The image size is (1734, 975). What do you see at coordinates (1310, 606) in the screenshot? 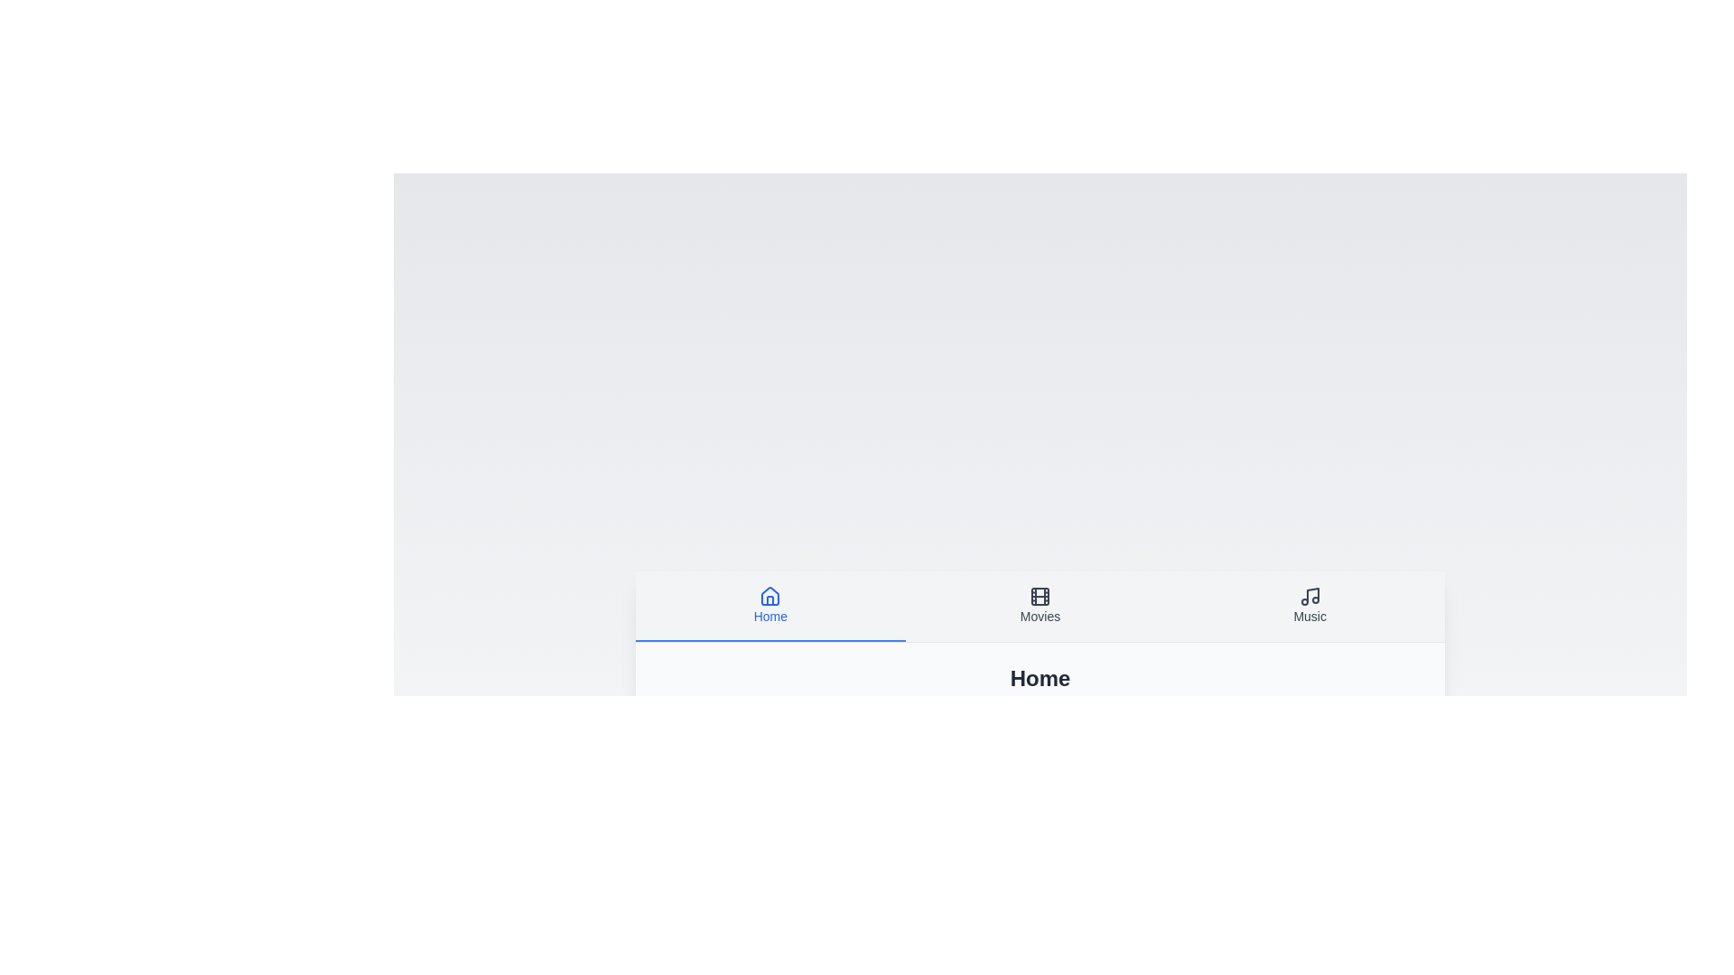
I see `the Music tab to activate it` at bounding box center [1310, 606].